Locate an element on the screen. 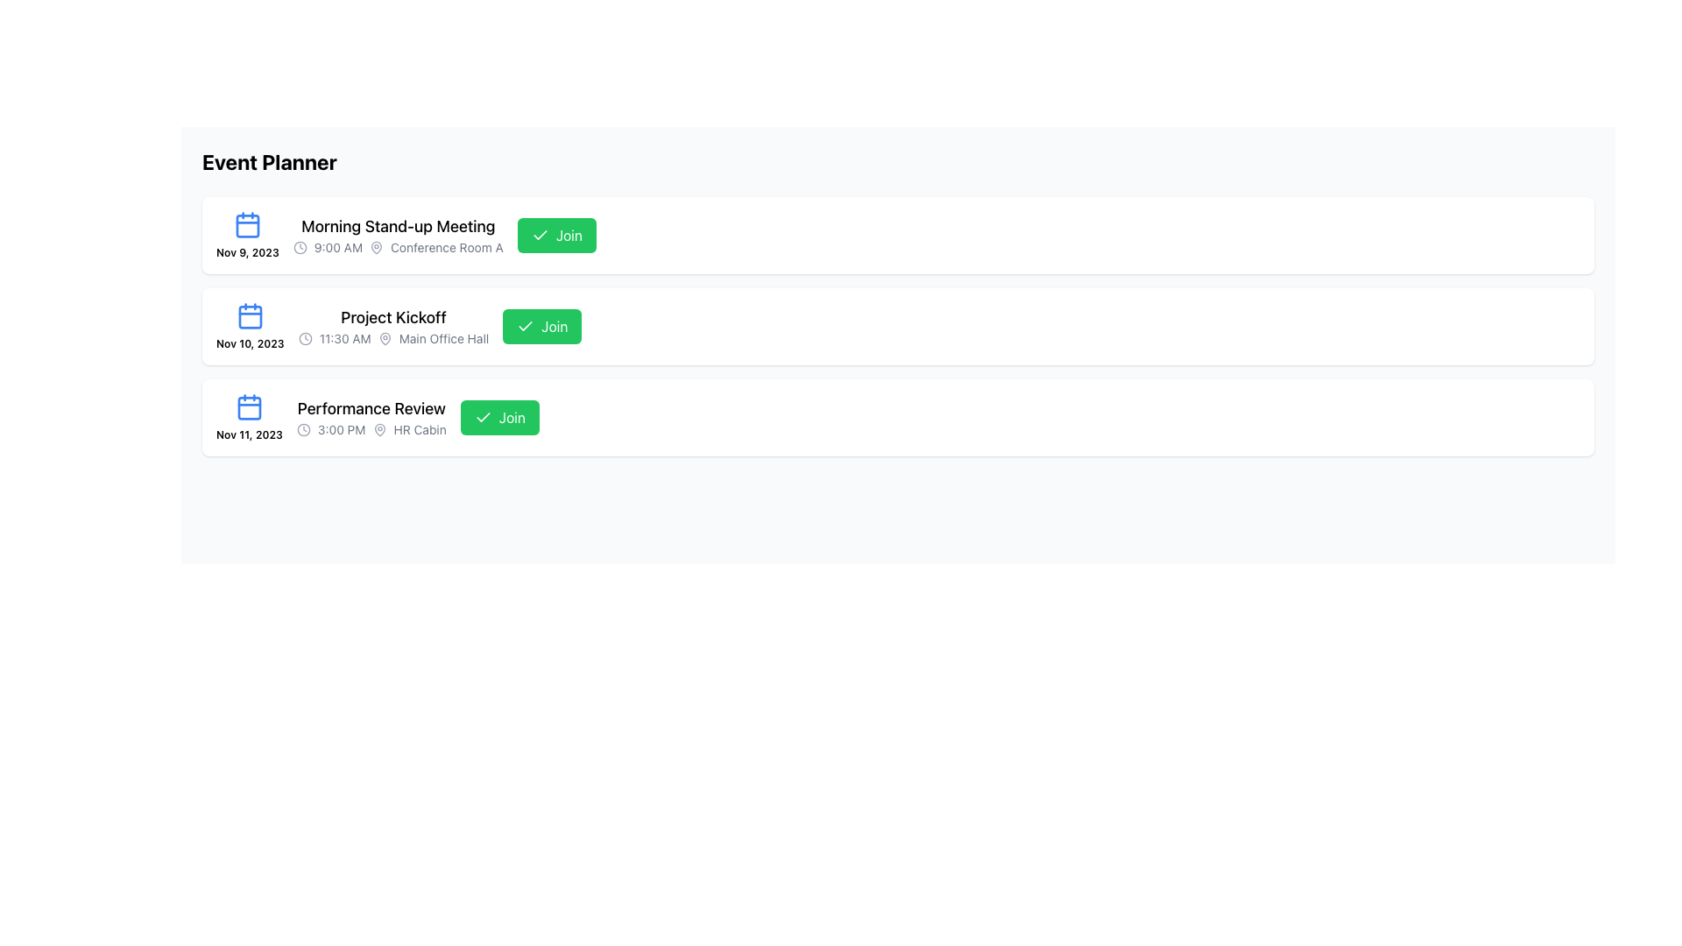 This screenshot has width=1682, height=946. text content of the second event summary display located centrally within its event card, positioned between the 'Morning Stand-up Meeting' and 'Performance Review' entries is located at coordinates (392, 327).